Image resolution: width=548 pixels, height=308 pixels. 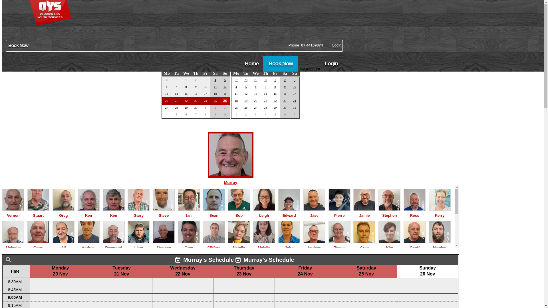 I want to click on 'Edward, so click(x=289, y=212).